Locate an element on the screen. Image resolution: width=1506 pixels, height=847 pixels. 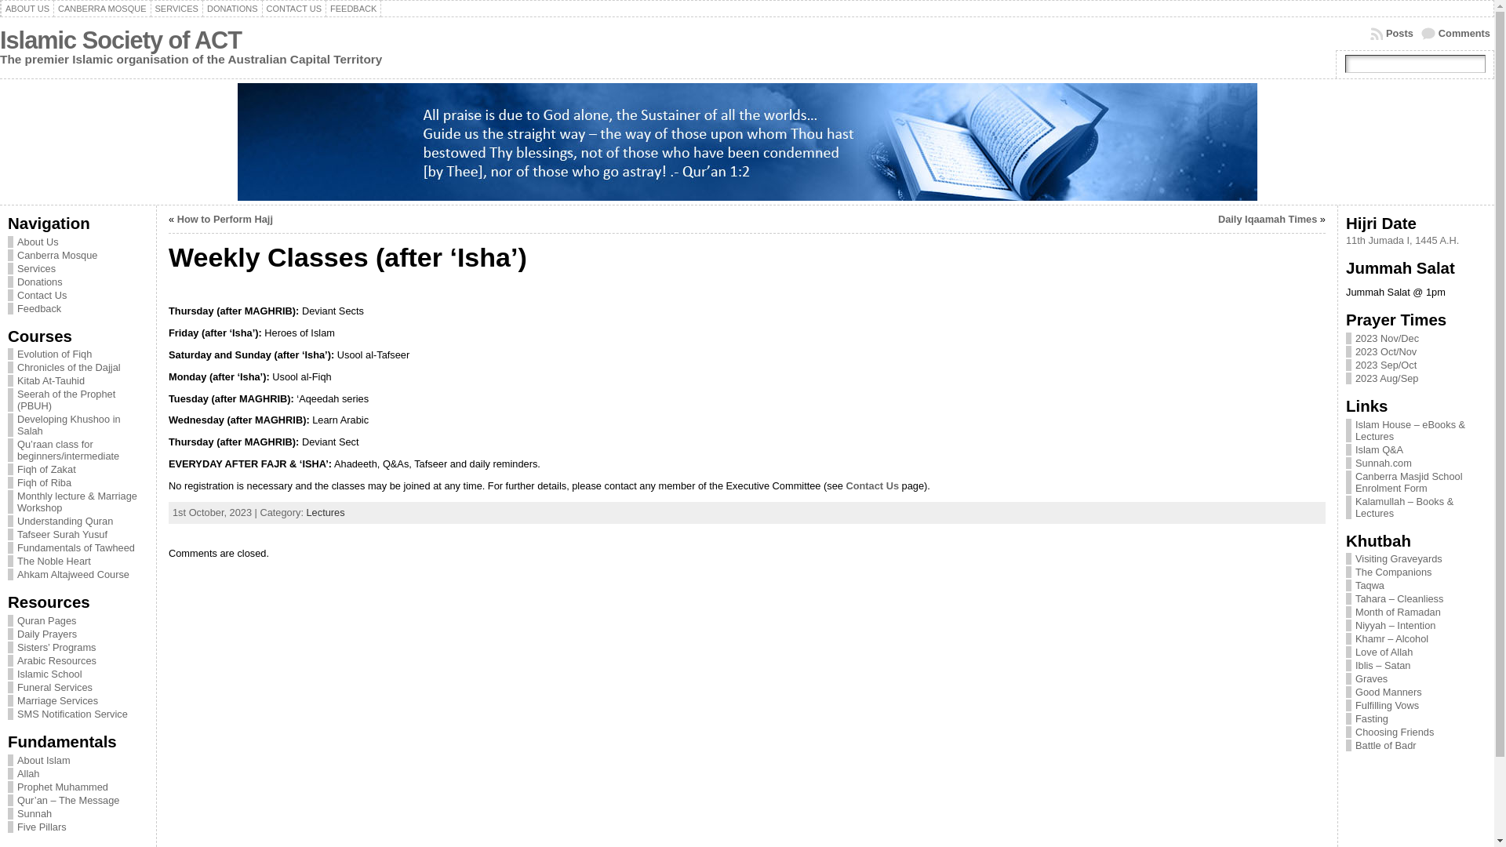
'CONTACT US' is located at coordinates (294, 9).